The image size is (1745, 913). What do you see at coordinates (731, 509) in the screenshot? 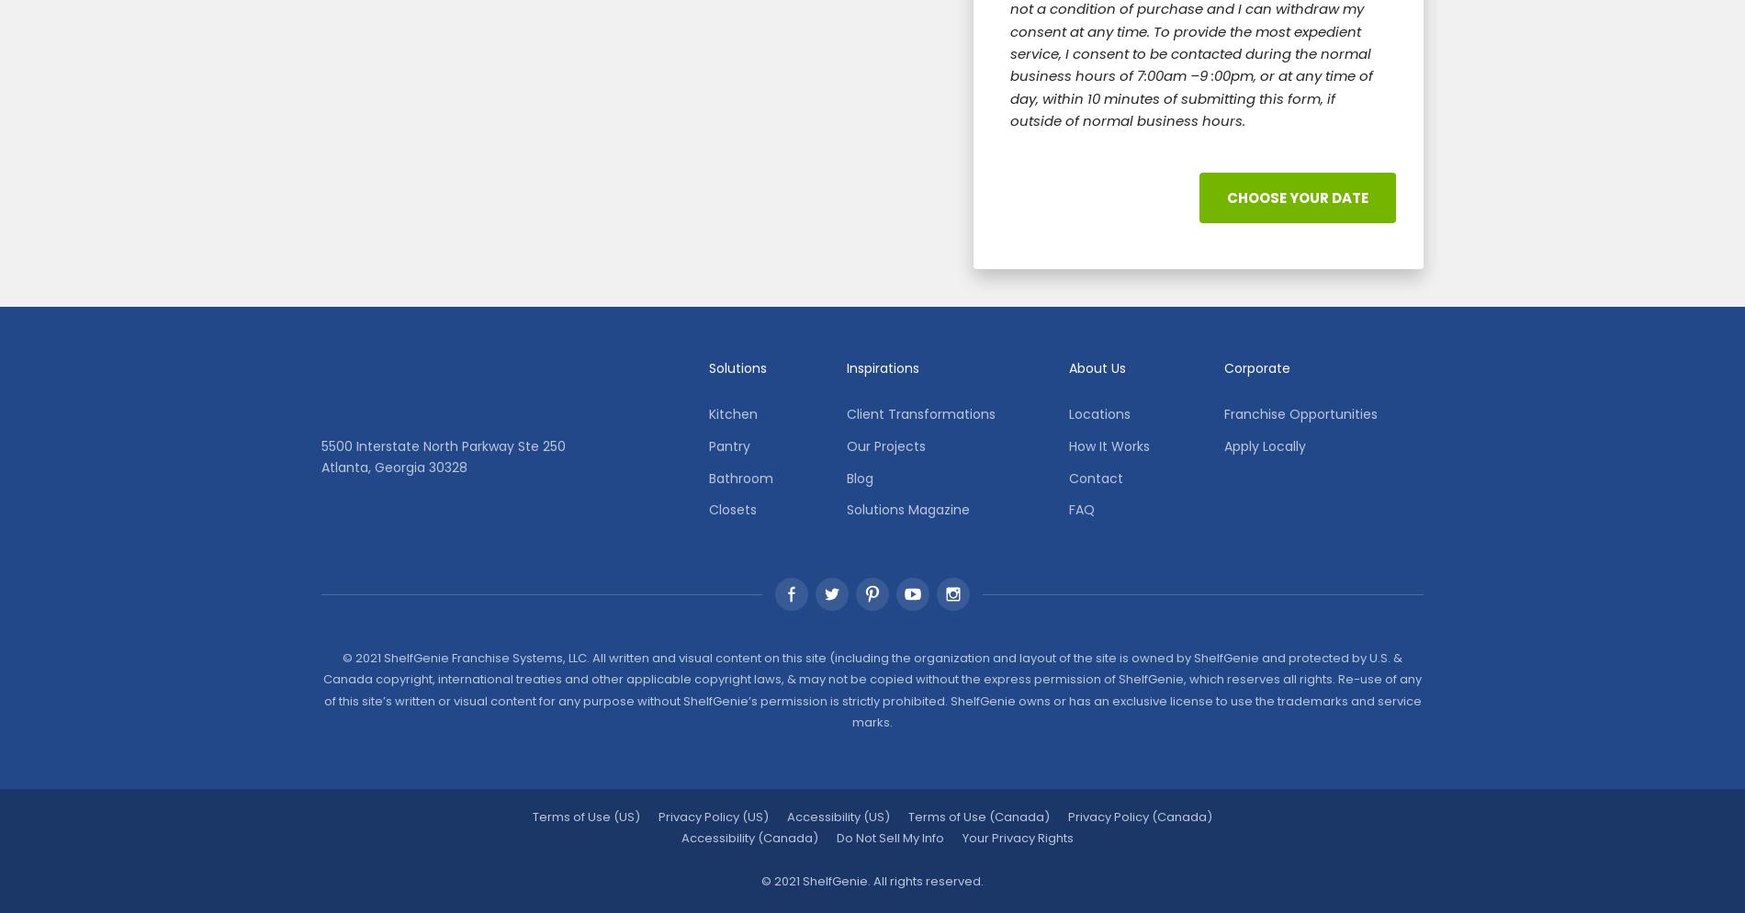
I see `'Closets'` at bounding box center [731, 509].